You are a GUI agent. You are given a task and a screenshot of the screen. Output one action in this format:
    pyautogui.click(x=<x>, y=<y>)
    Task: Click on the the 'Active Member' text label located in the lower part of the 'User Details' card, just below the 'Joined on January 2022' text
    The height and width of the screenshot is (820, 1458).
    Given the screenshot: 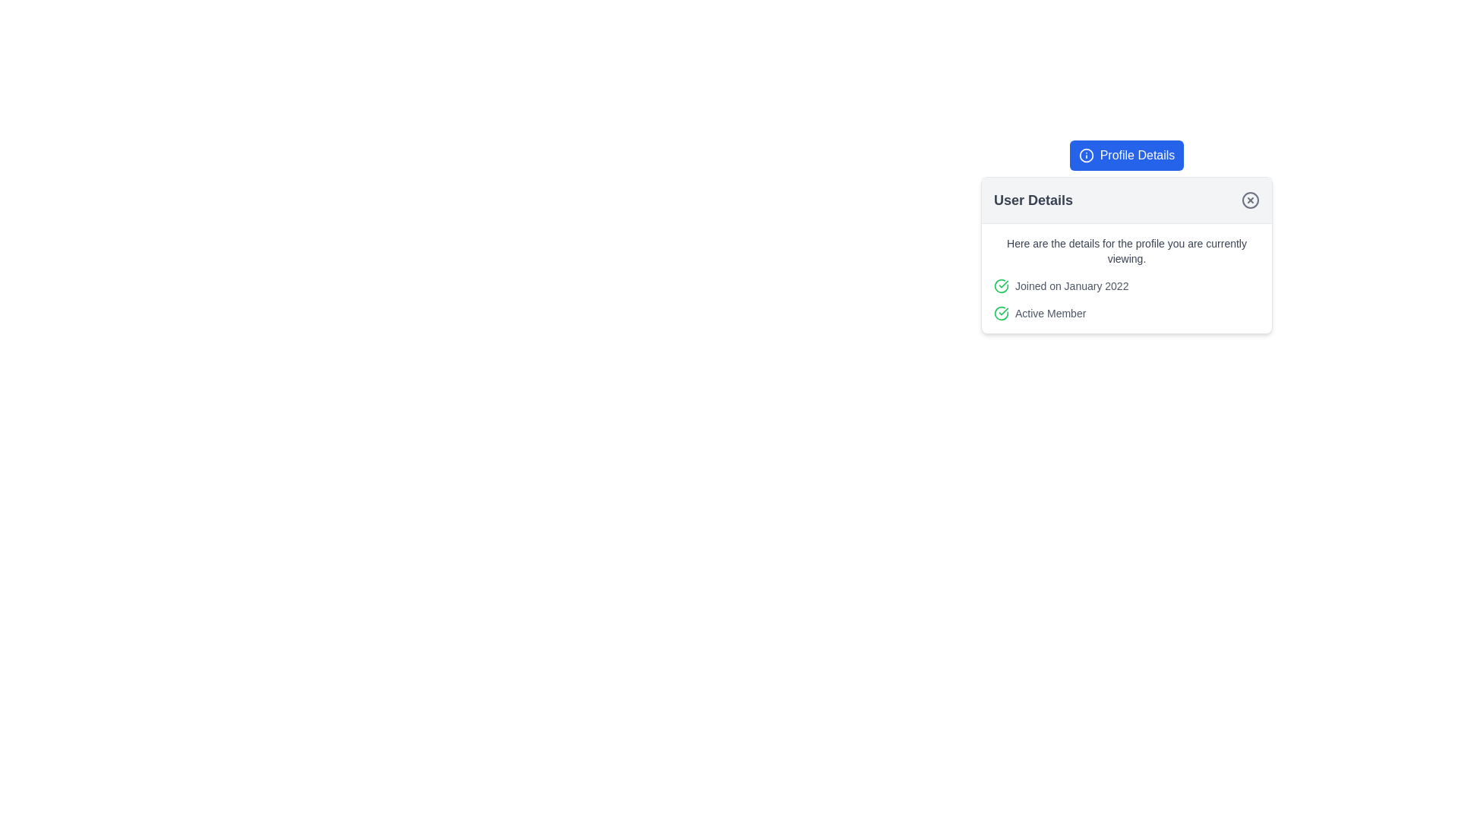 What is the action you would take?
    pyautogui.click(x=1049, y=312)
    